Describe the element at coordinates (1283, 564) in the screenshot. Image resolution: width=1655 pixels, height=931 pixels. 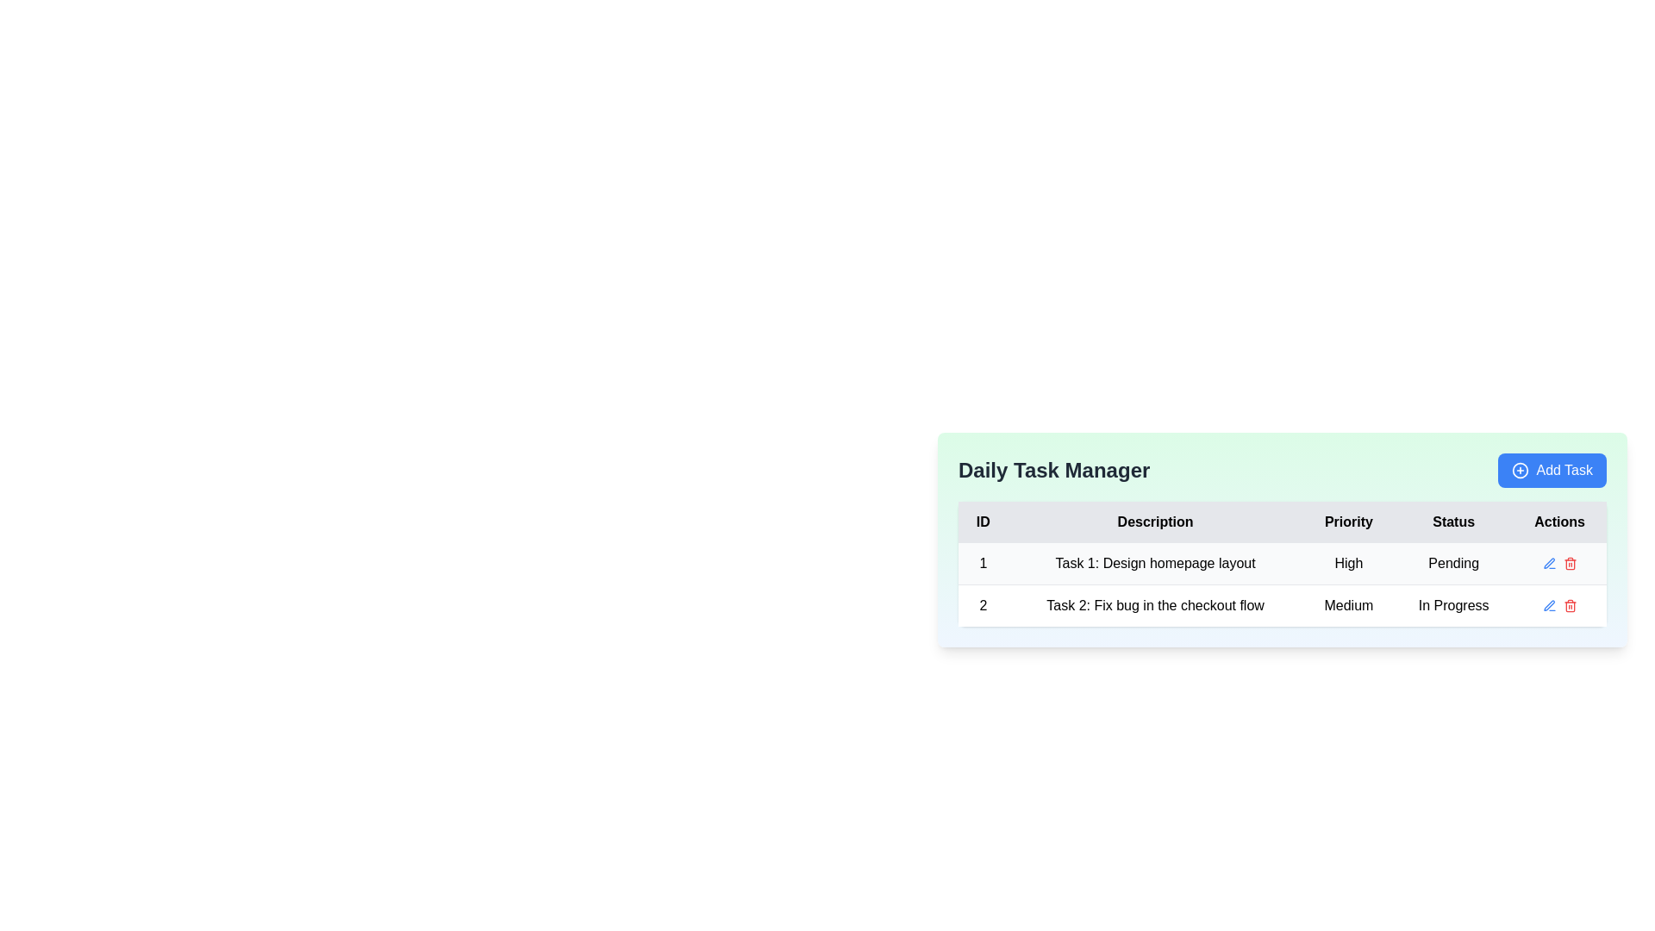
I see `the first row in the 'Daily Task Manager' table, which contains the task ID '1', description 'Task 1: Design homepage layout', priority 'High', and status 'Pending'` at that location.